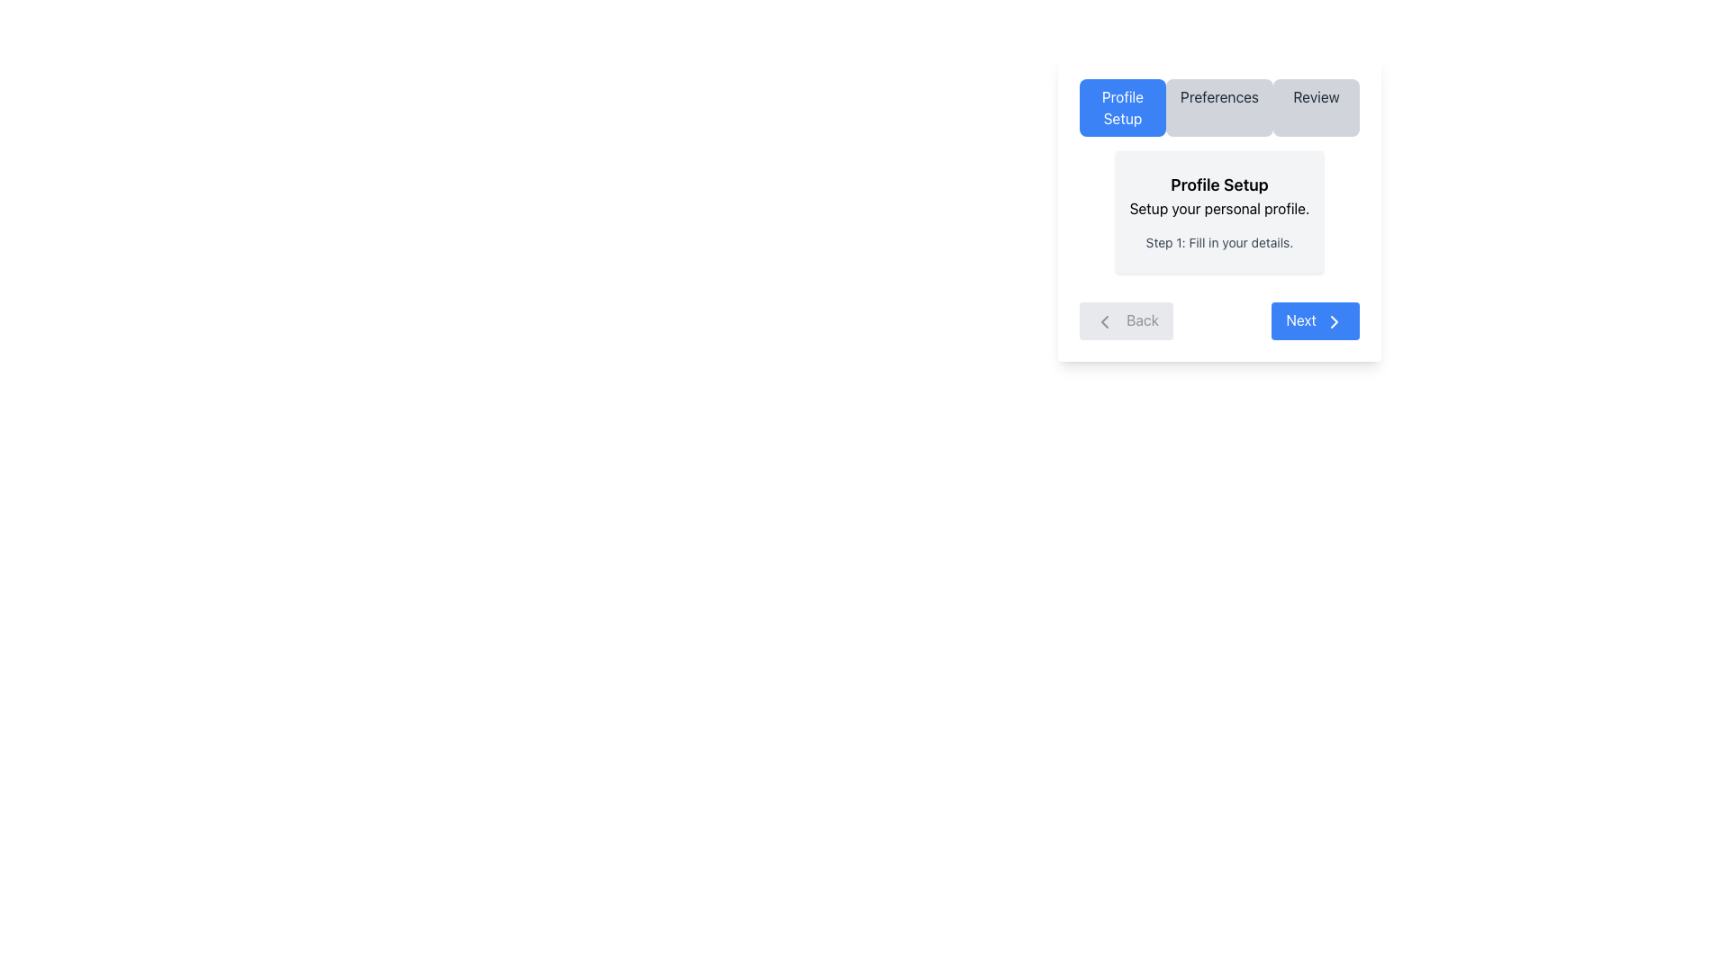 The height and width of the screenshot is (972, 1729). Describe the element at coordinates (1335, 320) in the screenshot. I see `the 'Next' button which contains the progression icon located at the bottom right area of the interface` at that location.